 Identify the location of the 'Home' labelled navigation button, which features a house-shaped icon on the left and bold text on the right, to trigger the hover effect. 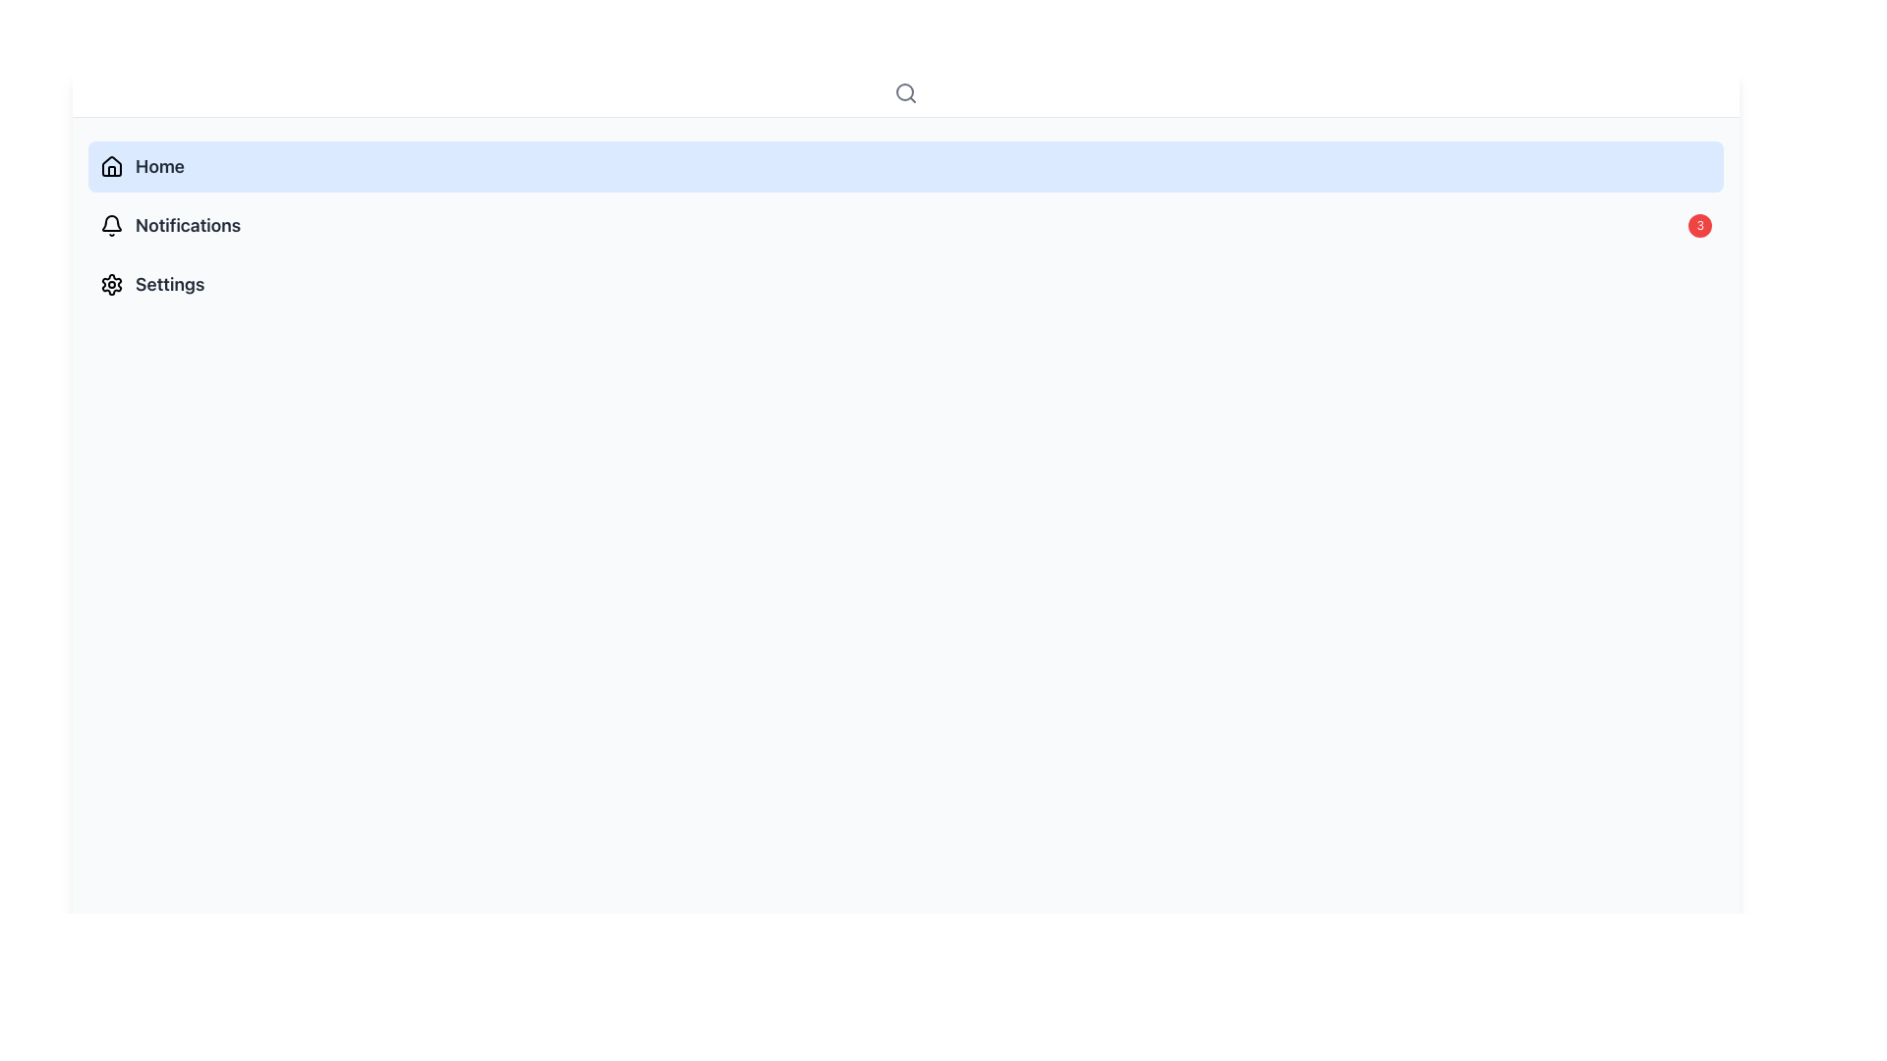
(141, 165).